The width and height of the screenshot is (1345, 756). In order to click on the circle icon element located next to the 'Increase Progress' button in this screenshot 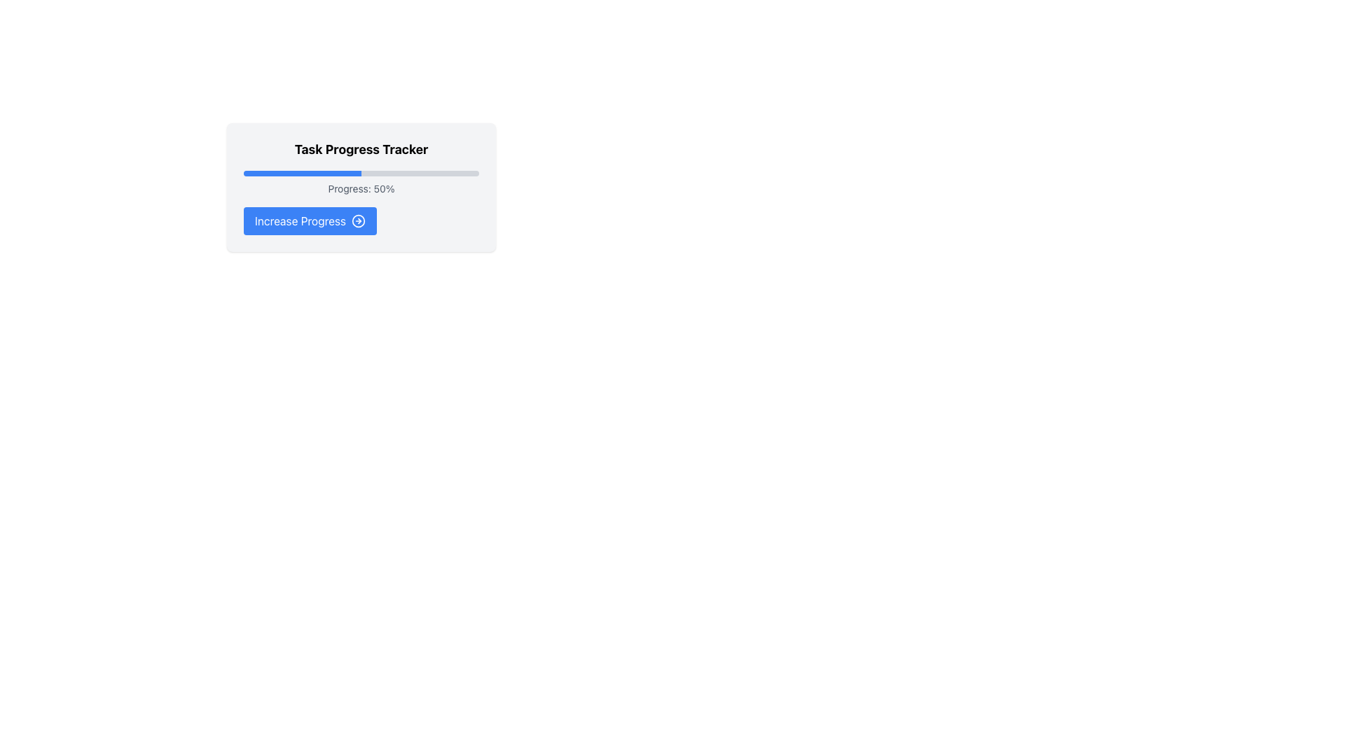, I will do `click(358, 220)`.